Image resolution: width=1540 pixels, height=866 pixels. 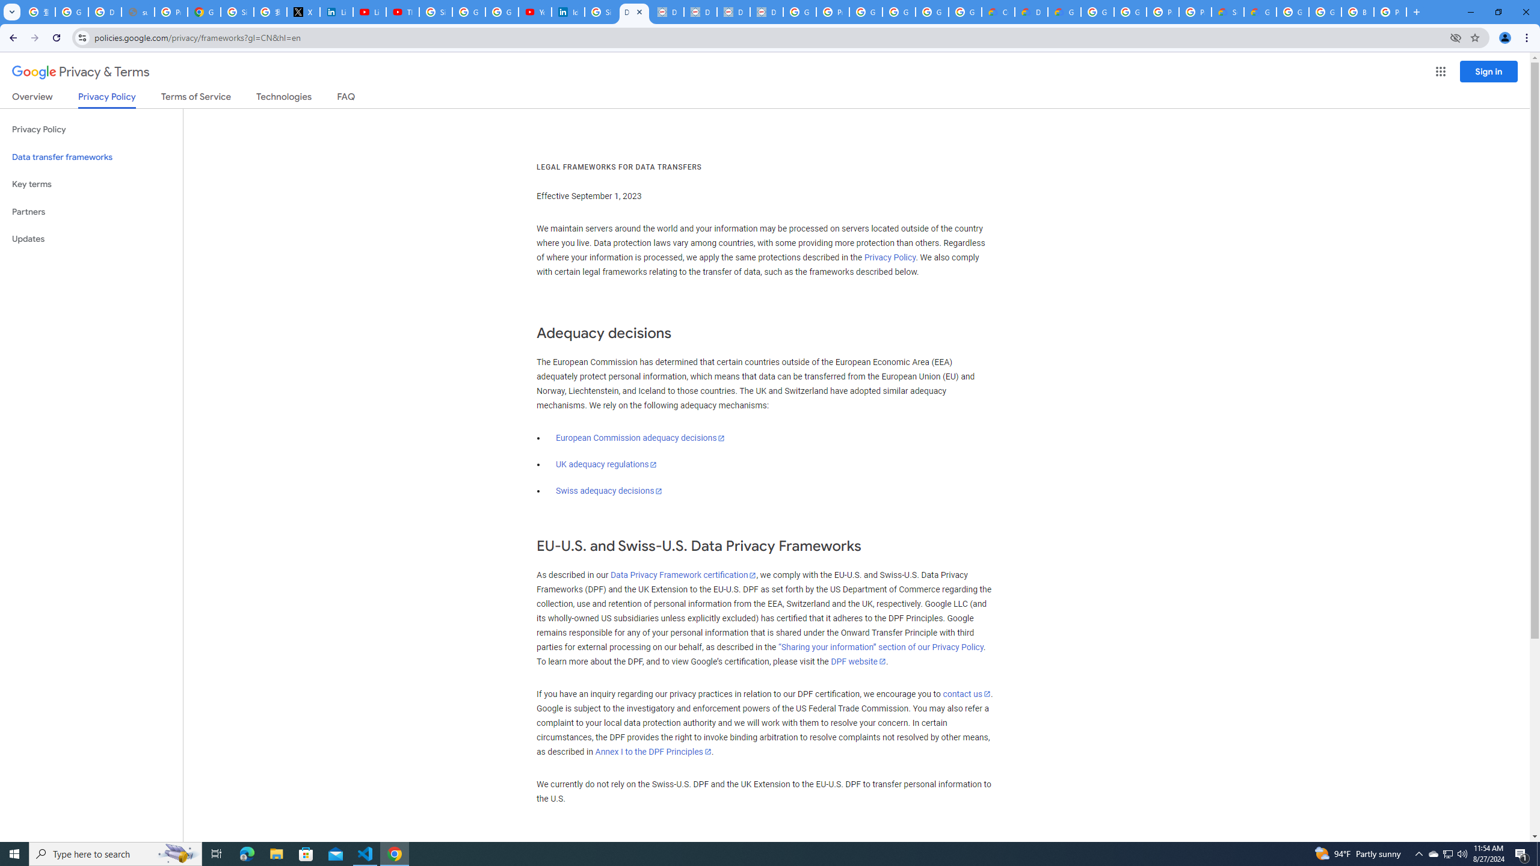 What do you see at coordinates (1260, 11) in the screenshot?
I see `'Google Cloud Service Health'` at bounding box center [1260, 11].